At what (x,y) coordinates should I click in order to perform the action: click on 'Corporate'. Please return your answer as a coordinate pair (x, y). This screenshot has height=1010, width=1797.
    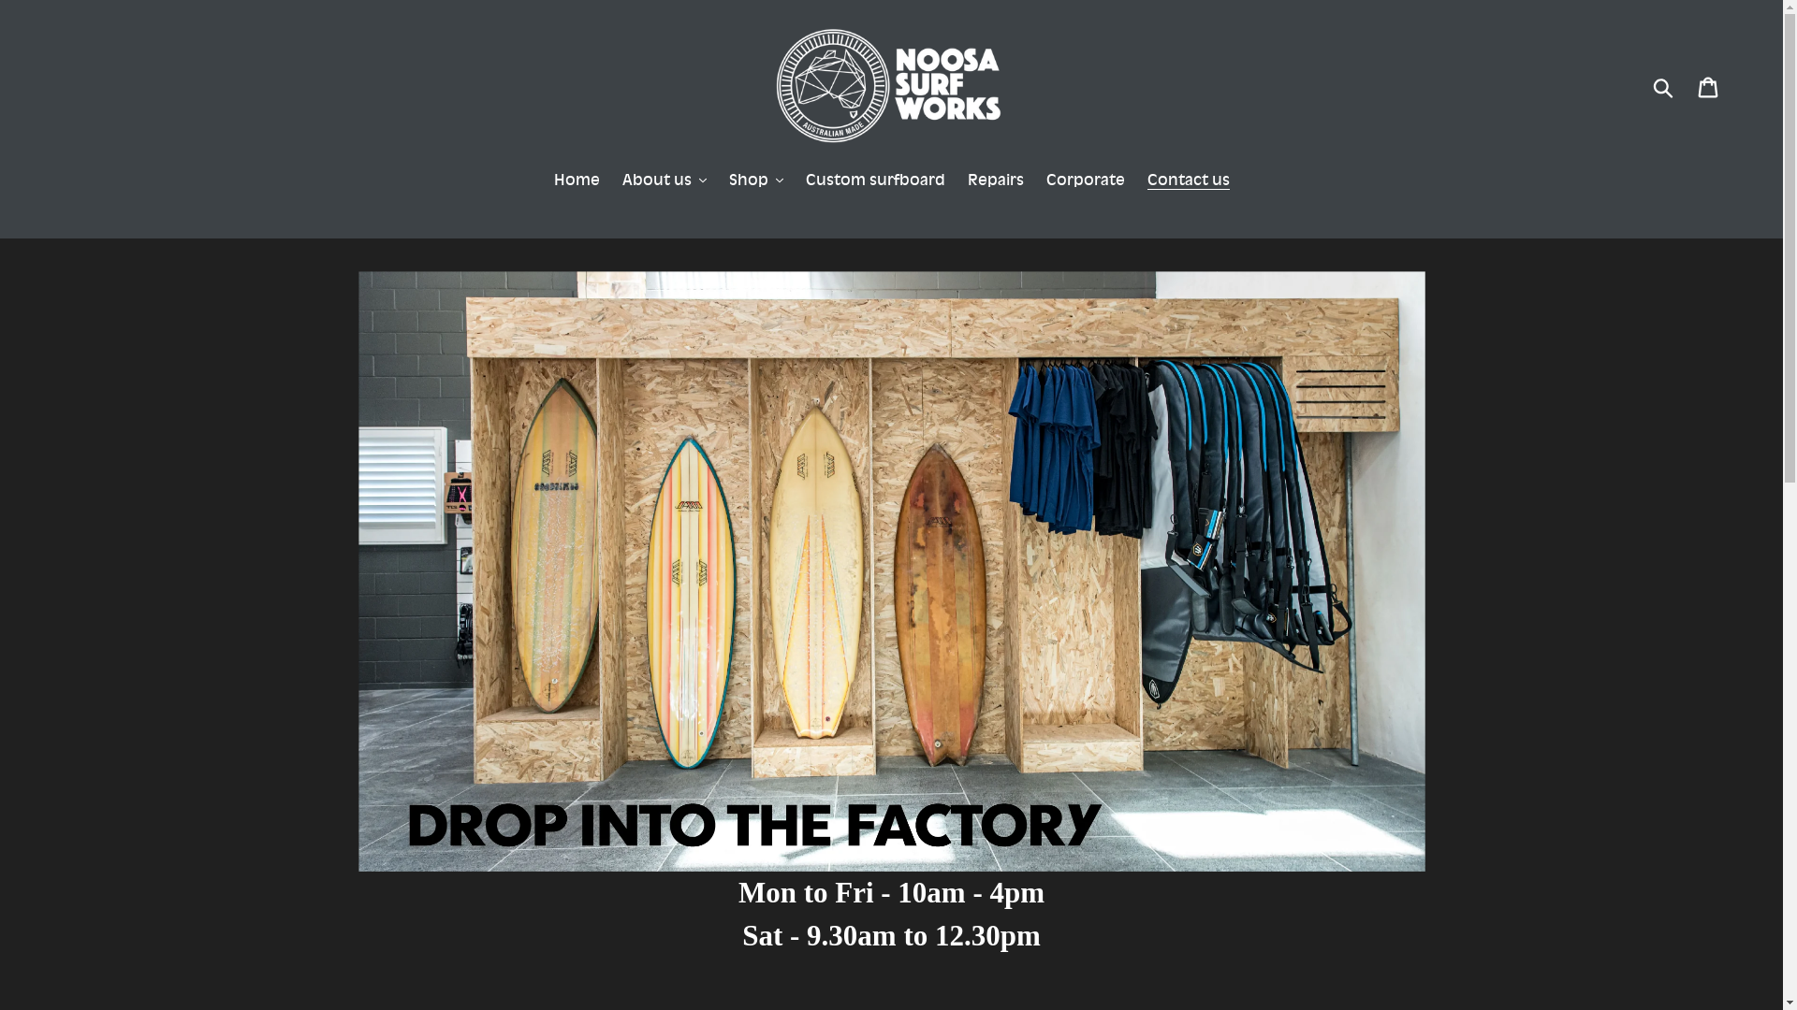
    Looking at the image, I should click on (1036, 180).